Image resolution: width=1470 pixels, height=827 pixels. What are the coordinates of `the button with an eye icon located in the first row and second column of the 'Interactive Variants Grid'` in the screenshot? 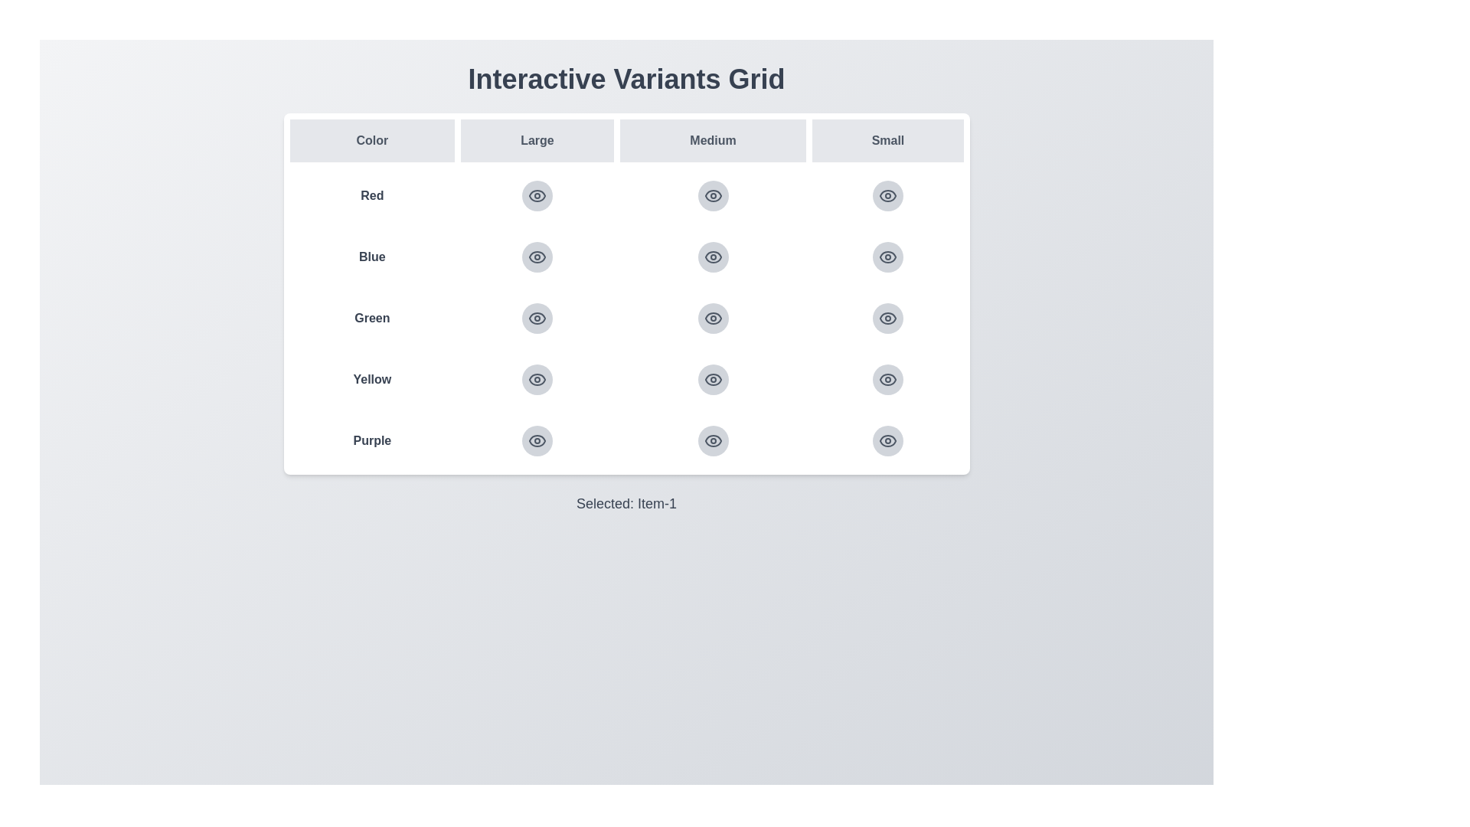 It's located at (537, 194).